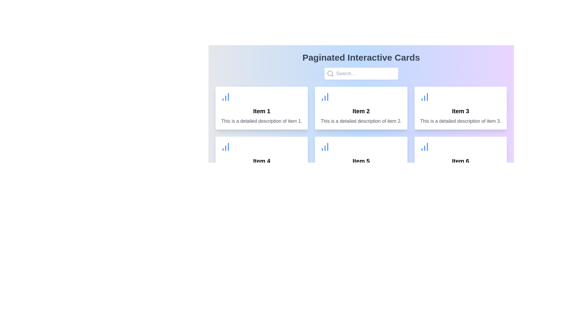 The image size is (571, 321). I want to click on the decorative SVG circle that is part of the search icon in the upper interface's search bar, so click(330, 73).